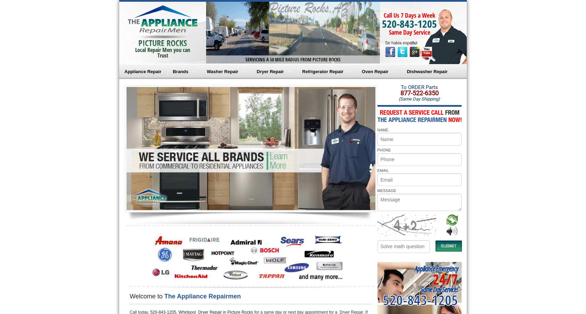  What do you see at coordinates (383, 169) in the screenshot?
I see `'EMAIL'` at bounding box center [383, 169].